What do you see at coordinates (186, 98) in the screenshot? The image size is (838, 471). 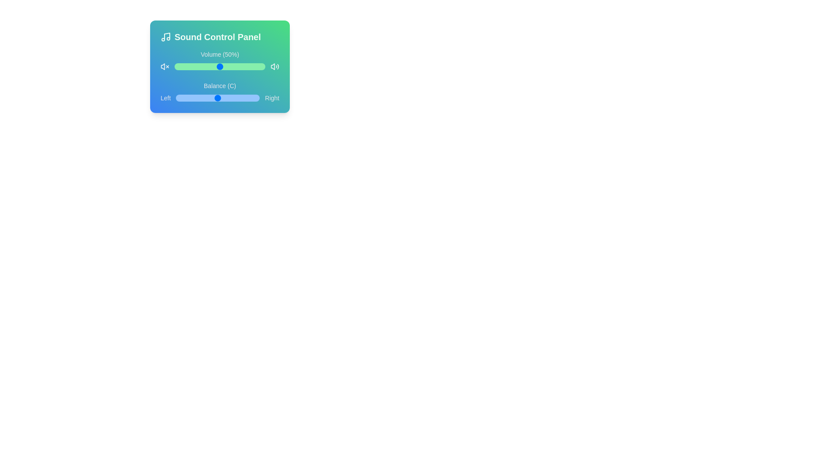 I see `balance` at bounding box center [186, 98].